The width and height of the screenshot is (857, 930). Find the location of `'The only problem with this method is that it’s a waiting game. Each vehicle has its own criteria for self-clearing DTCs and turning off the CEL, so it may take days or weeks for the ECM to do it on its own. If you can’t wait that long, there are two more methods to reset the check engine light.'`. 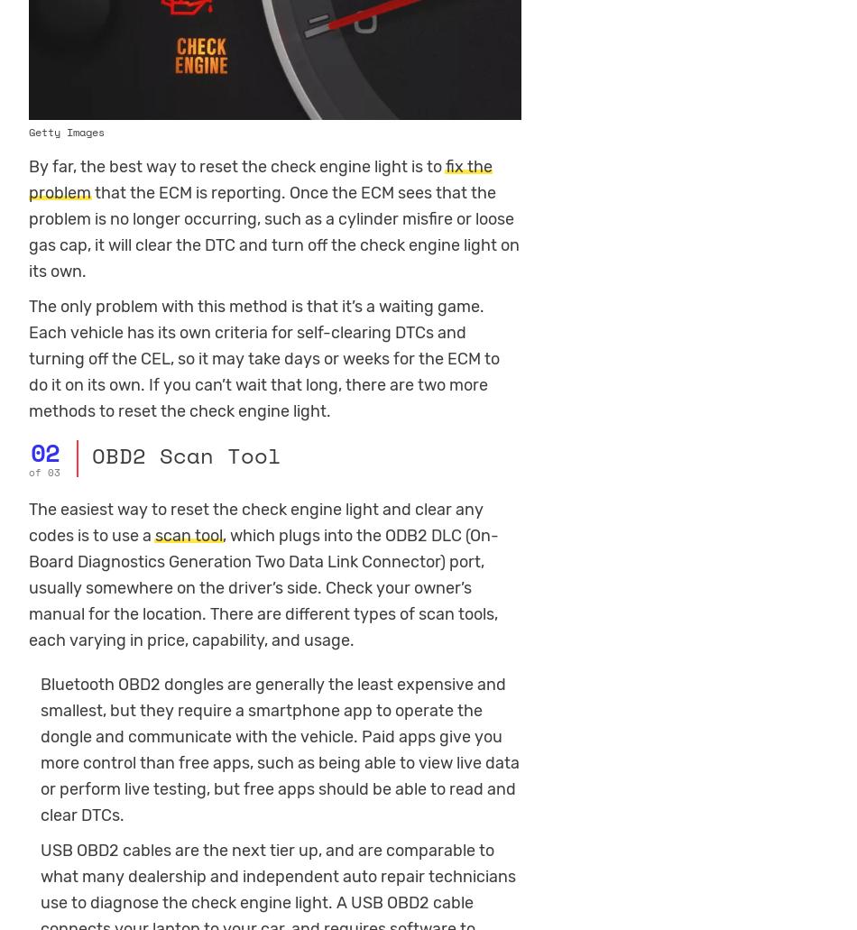

'The only problem with this method is that it’s a waiting game. Each vehicle has its own criteria for self-clearing DTCs and turning off the CEL, so it may take days or weeks for the ECM to do it on its own. If you can’t wait that long, there are two more methods to reset the check engine light.' is located at coordinates (263, 357).